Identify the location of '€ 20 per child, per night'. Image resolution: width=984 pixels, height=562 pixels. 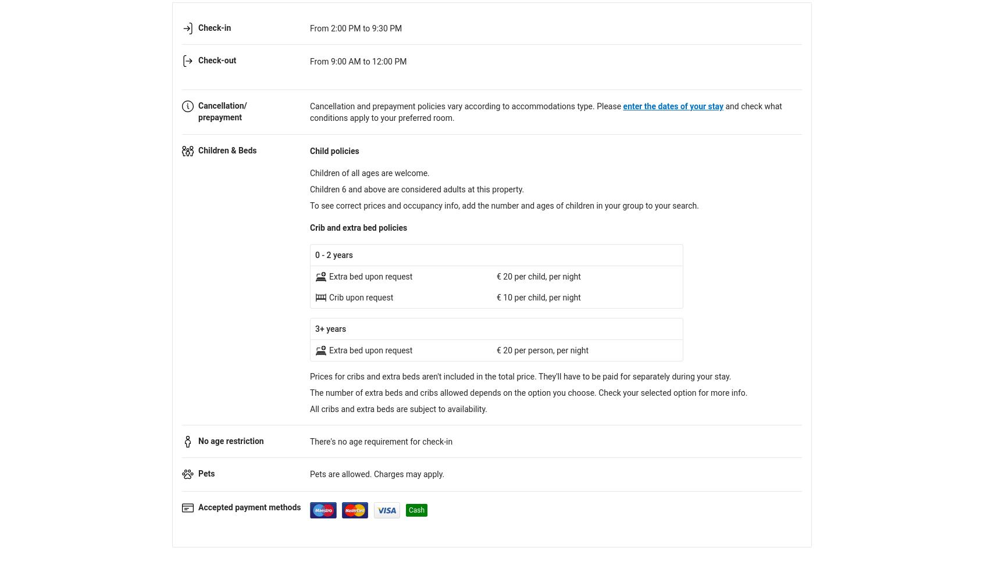
(539, 276).